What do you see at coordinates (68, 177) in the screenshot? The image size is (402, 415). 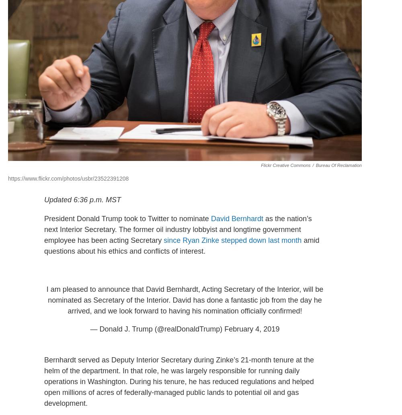 I see `'https://www.flickr.com/photos/usbr/23522391208'` at bounding box center [68, 177].